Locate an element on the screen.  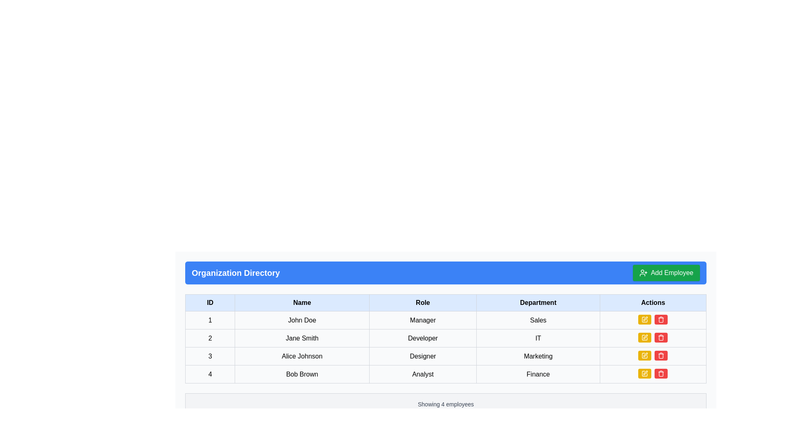
the yellow rectangular button with rounded corners and a white pen icon located in the 'Actions' column of the first row under the 'Organization Directory' header is located at coordinates (644, 319).